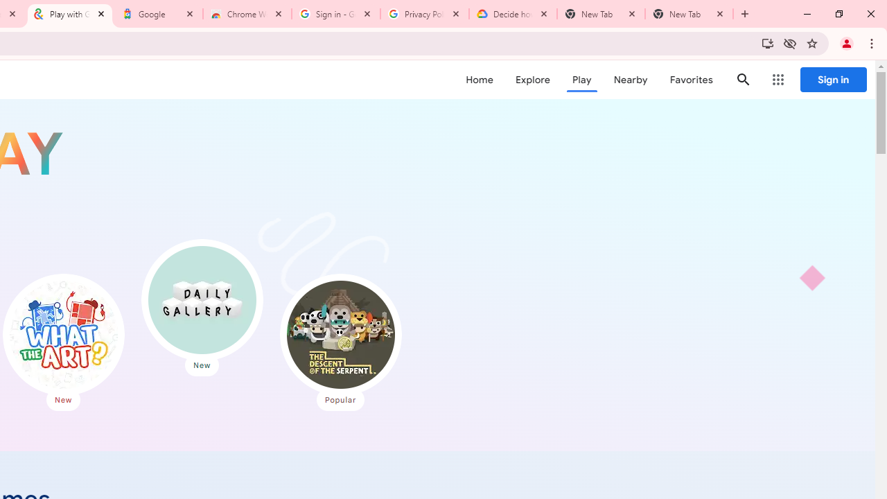 The width and height of the screenshot is (887, 499). I want to click on 'The Descent of the Serpent', so click(340, 335).